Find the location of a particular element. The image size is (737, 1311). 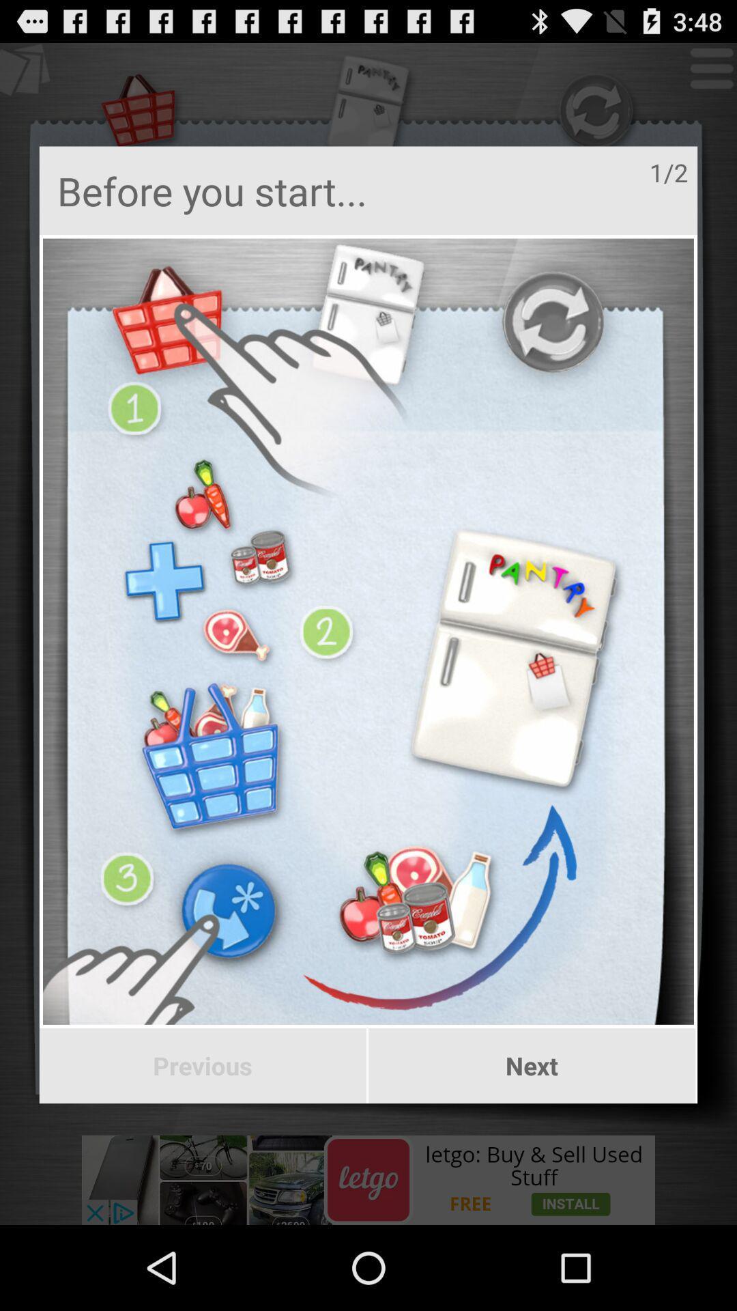

the button next to previous is located at coordinates (531, 1065).